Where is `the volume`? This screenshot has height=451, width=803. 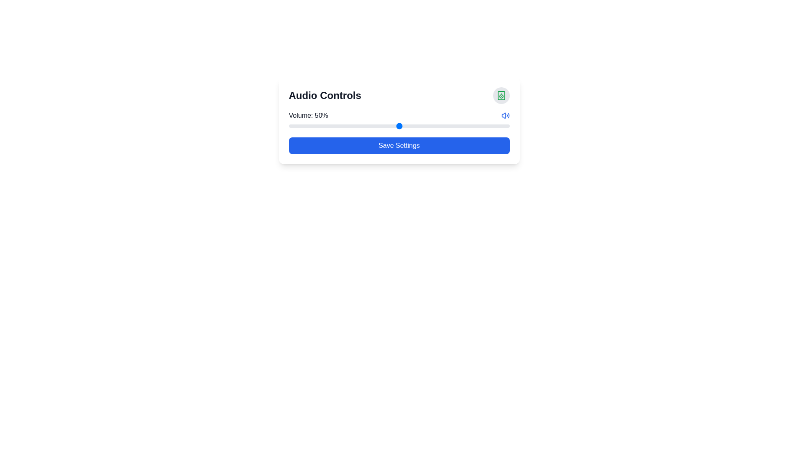
the volume is located at coordinates (353, 126).